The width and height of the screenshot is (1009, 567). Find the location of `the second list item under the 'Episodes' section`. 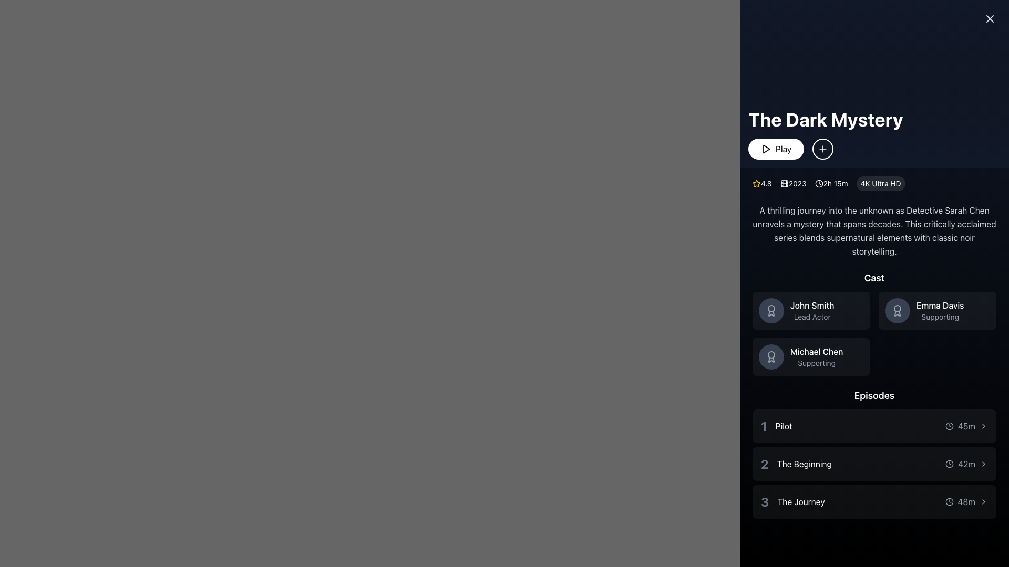

the second list item under the 'Episodes' section is located at coordinates (874, 463).